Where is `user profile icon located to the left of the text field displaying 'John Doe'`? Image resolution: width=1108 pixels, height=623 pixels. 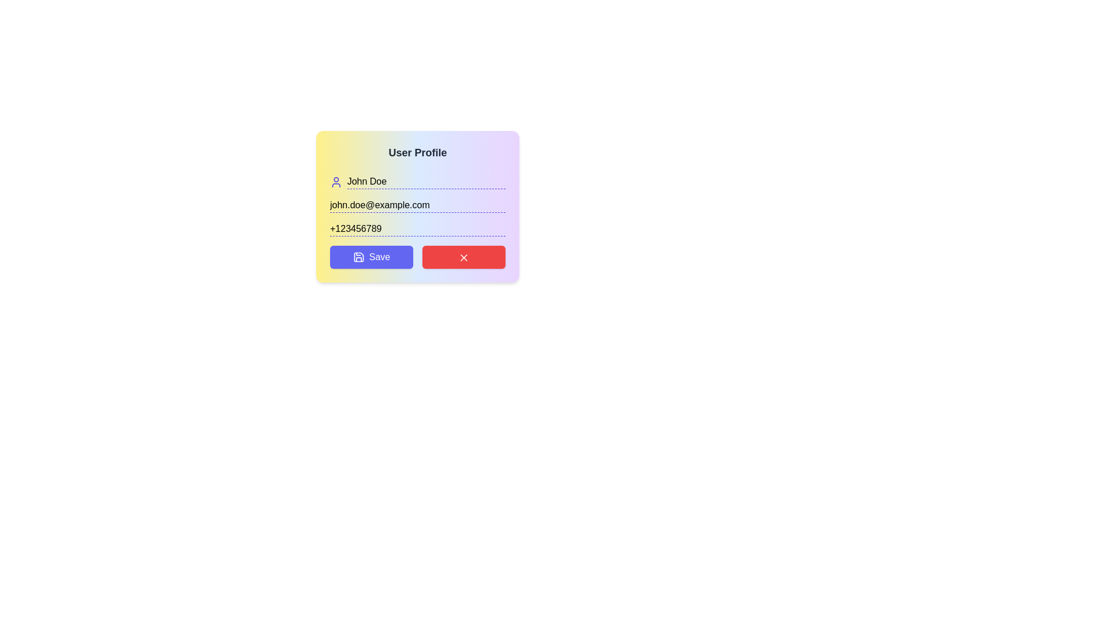
user profile icon located to the left of the text field displaying 'John Doe' is located at coordinates (335, 182).